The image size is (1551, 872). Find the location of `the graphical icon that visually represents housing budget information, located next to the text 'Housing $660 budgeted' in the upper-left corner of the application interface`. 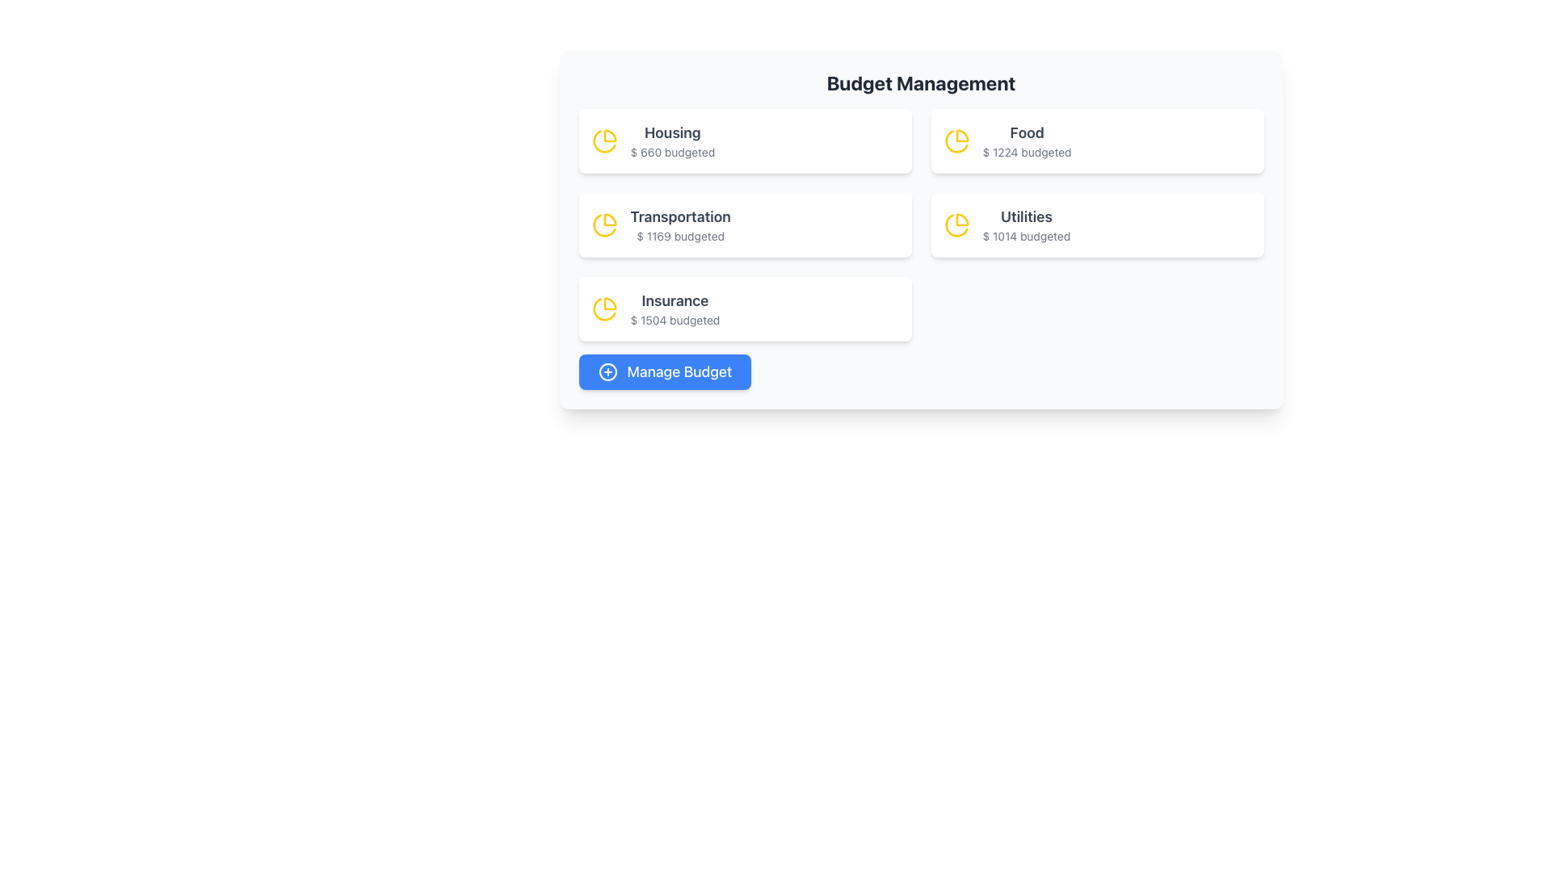

the graphical icon that visually represents housing budget information, located next to the text 'Housing $660 budgeted' in the upper-left corner of the application interface is located at coordinates (603, 309).